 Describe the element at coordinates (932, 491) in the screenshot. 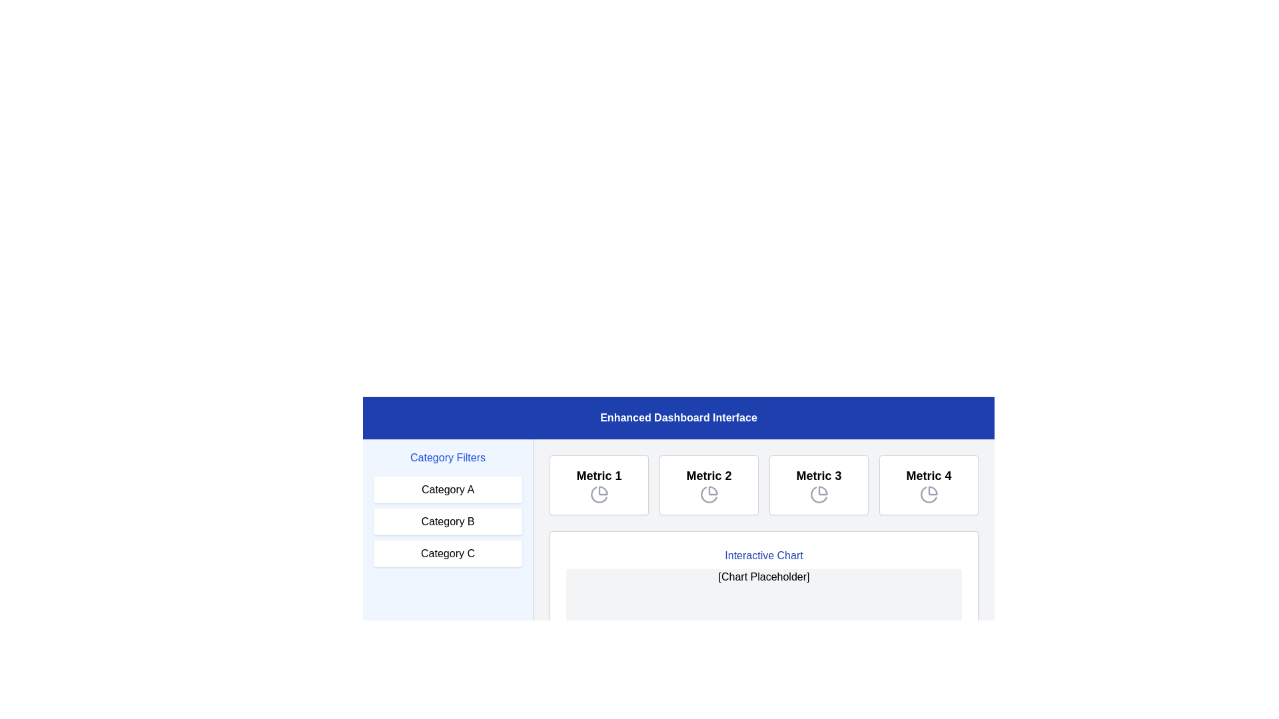

I see `the Icon Graphical Slice representing the visualization feature related to the 'Metric 4' section, located in the bottom-right of the 'Metrics' button group` at that location.